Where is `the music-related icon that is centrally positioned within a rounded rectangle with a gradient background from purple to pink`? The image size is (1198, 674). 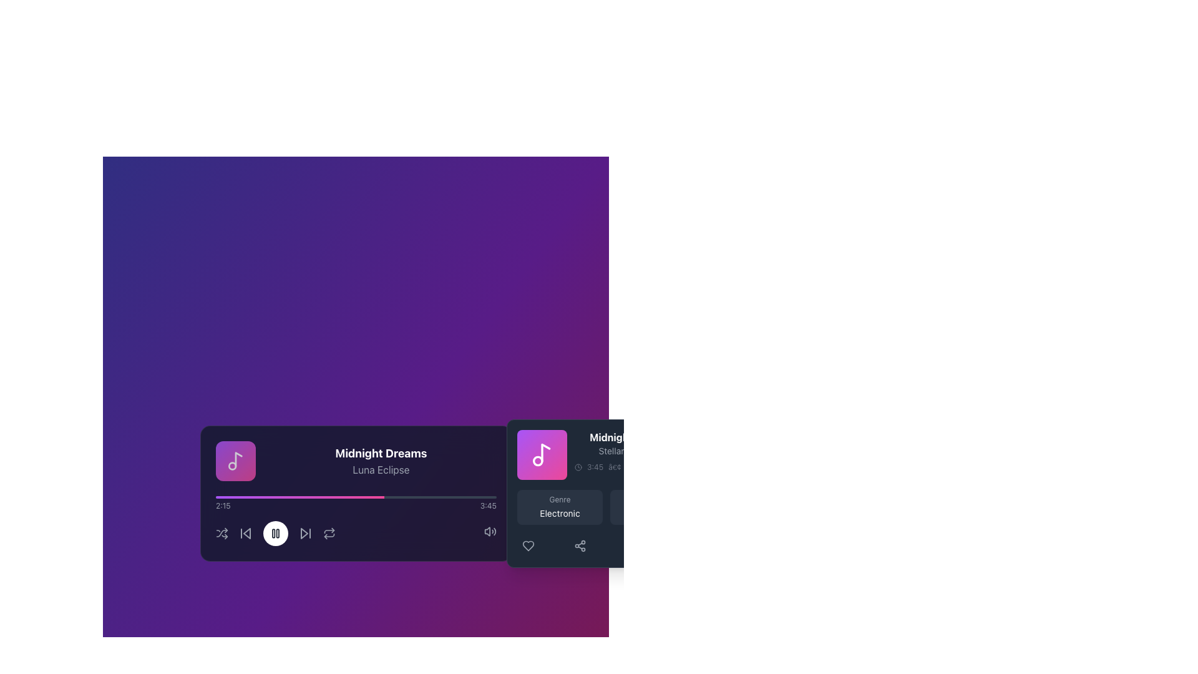 the music-related icon that is centrally positioned within a rounded rectangle with a gradient background from purple to pink is located at coordinates (235, 461).